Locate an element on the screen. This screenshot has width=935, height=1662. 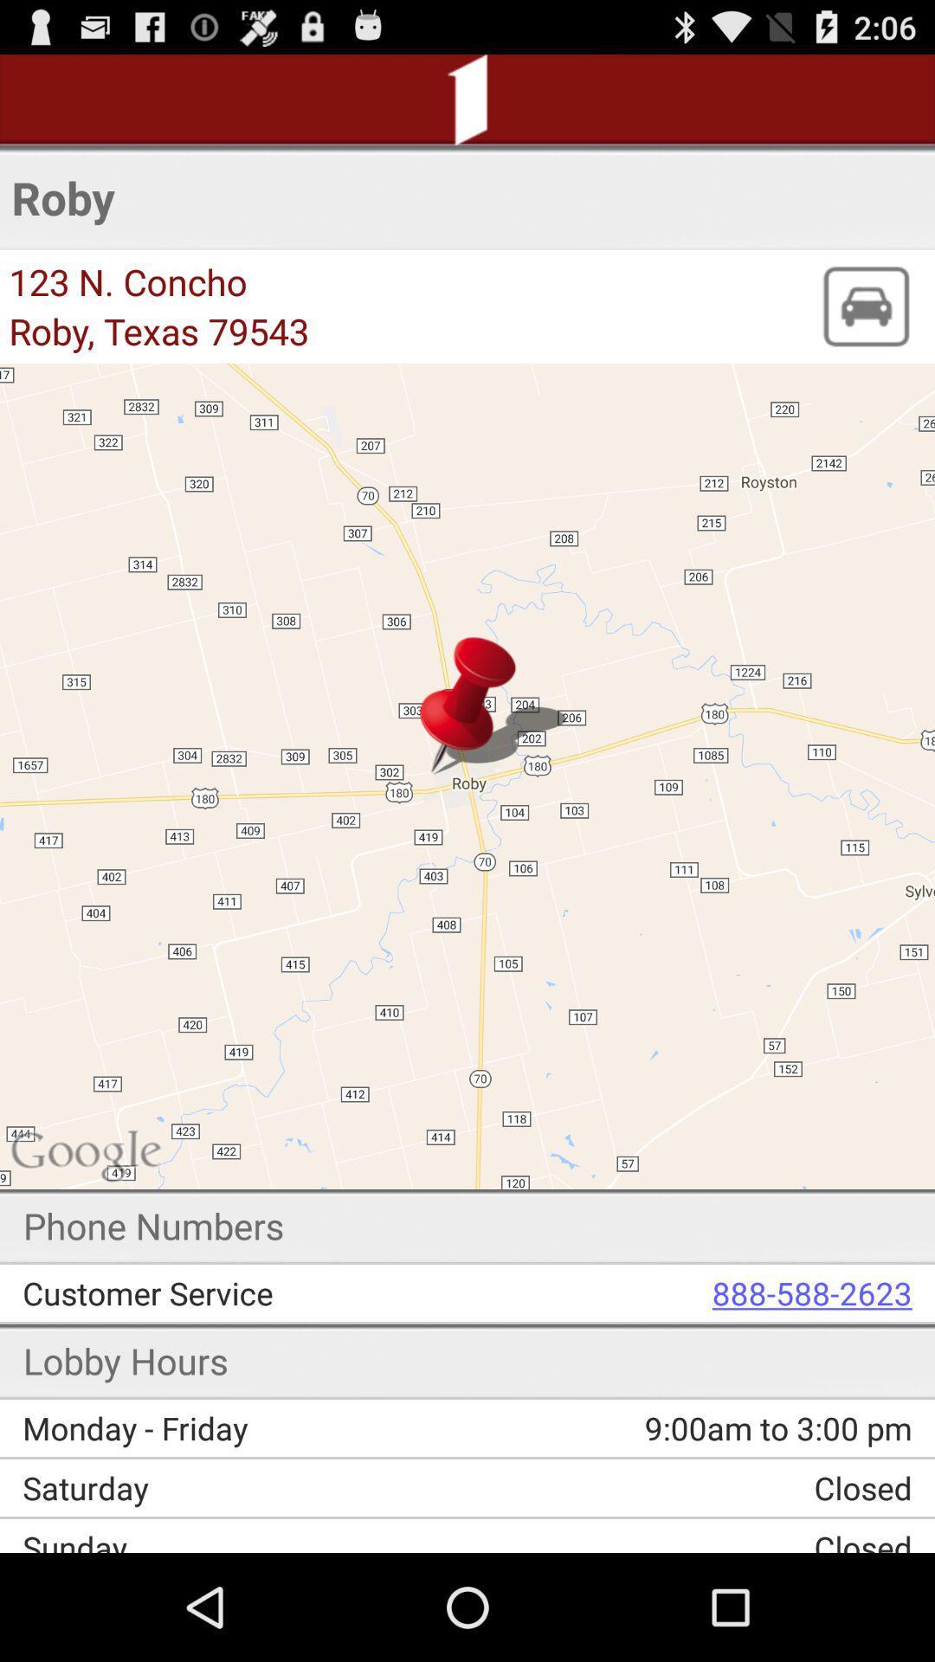
item next to the customer service item is located at coordinates (702, 1292).